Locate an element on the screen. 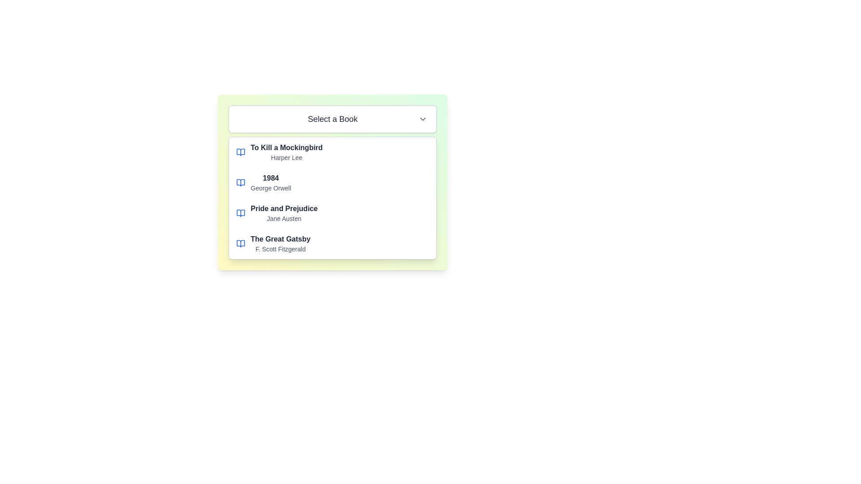 Image resolution: width=861 pixels, height=484 pixels. the non-interactive text label indicating the title of a book in the dropdown list, which is the second item in the list, positioned above 'Pride and Prejudice' and below 'To Kill a Mockingbird' is located at coordinates (270, 178).